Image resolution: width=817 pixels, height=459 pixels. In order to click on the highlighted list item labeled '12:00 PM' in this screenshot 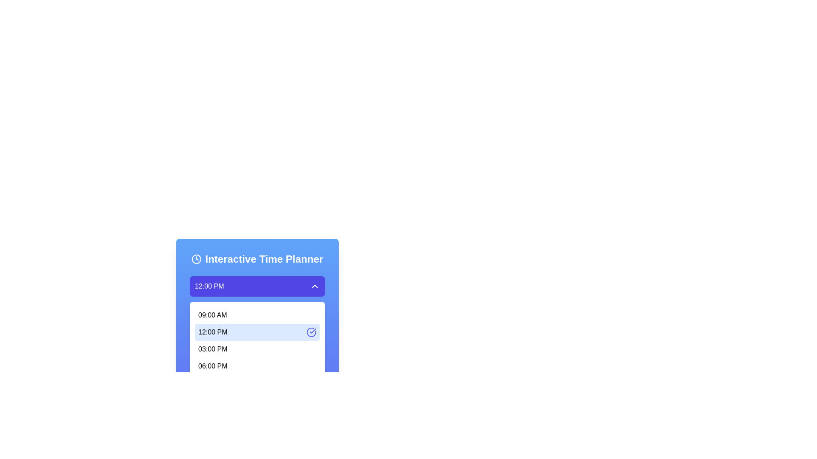, I will do `click(257, 336)`.